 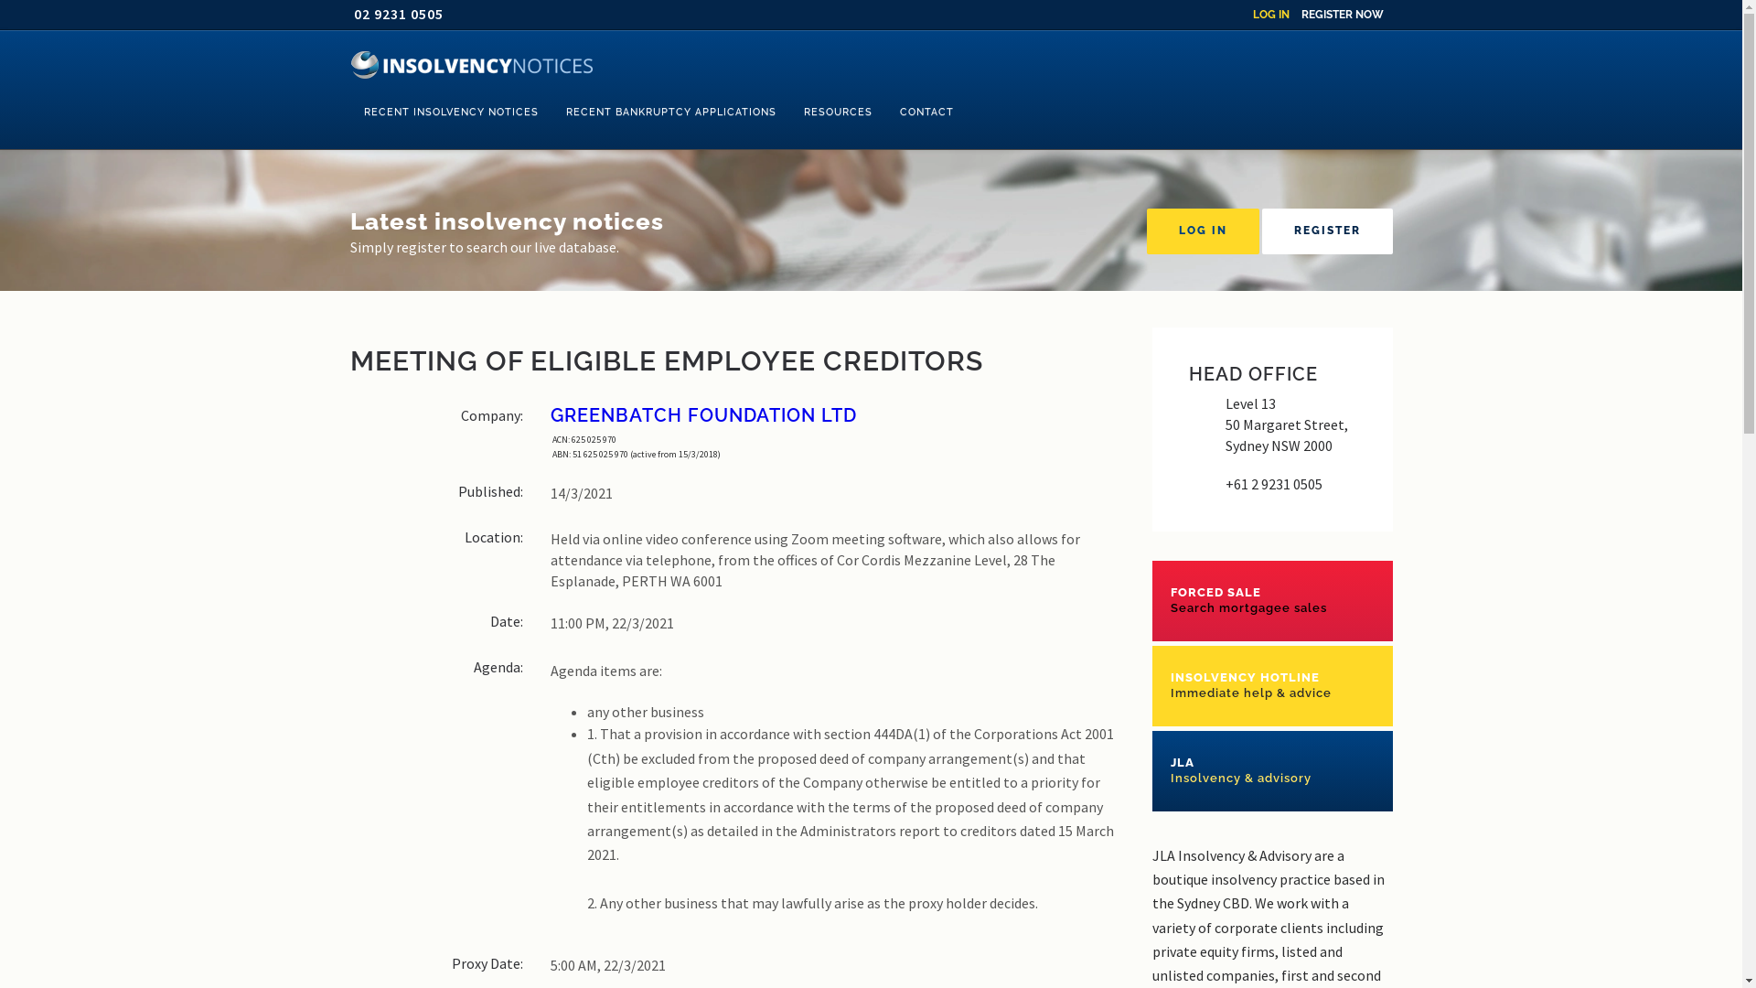 I want to click on 'REGISTER NOW', so click(x=1299, y=14).